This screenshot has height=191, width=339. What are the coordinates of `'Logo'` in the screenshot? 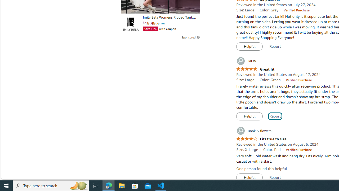 It's located at (131, 24).